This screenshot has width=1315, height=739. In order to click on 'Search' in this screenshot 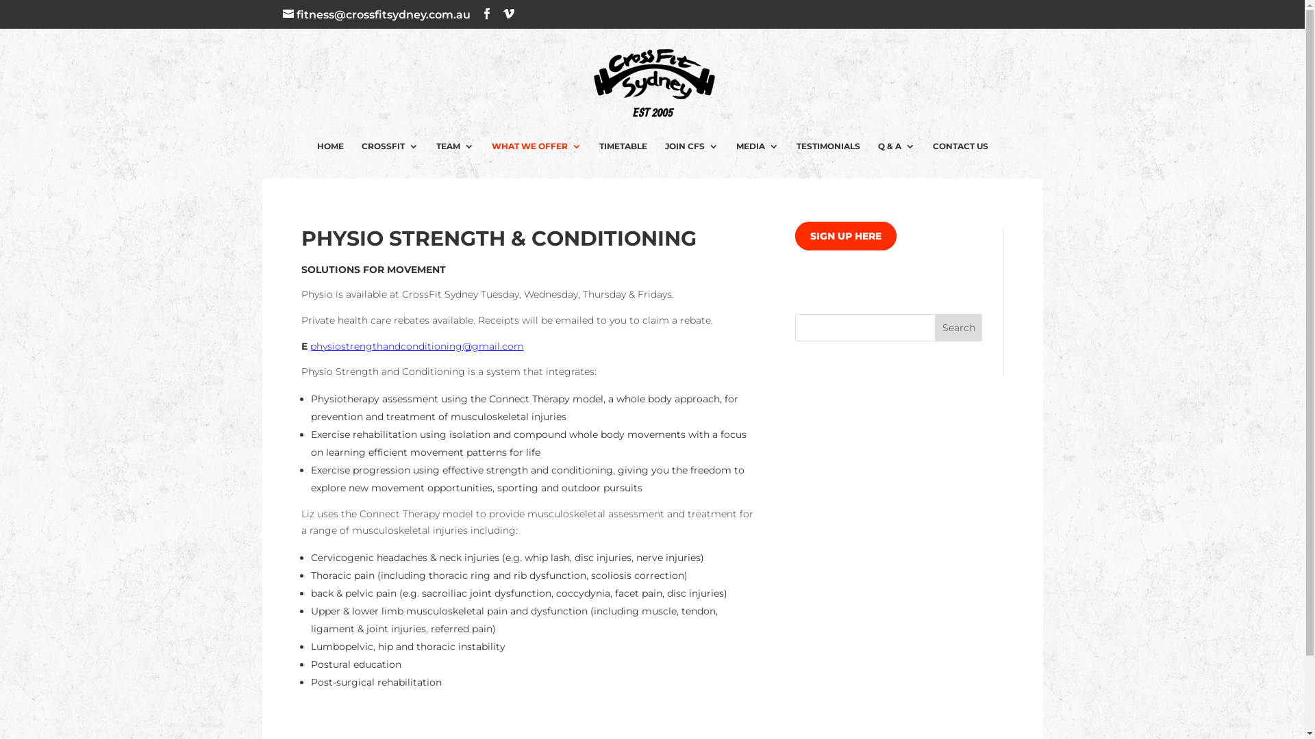, I will do `click(958, 327)`.